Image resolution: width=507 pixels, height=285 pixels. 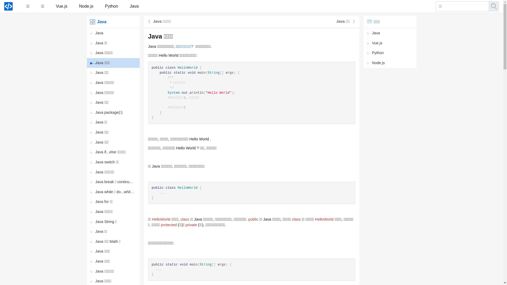 I want to click on 'Java', so click(x=124, y=6).